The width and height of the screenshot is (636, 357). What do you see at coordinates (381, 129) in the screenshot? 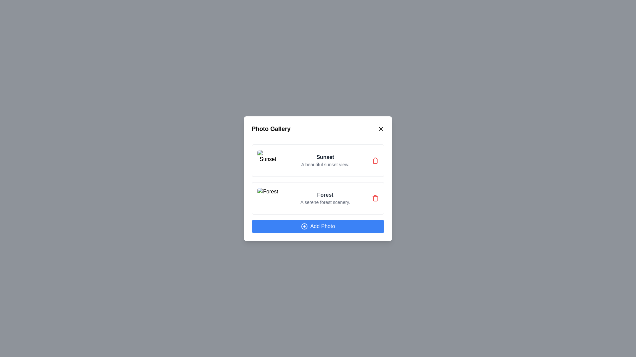
I see `the red 'X' close button located in the top-right corner of the 'Photo Gallery' modal header` at bounding box center [381, 129].